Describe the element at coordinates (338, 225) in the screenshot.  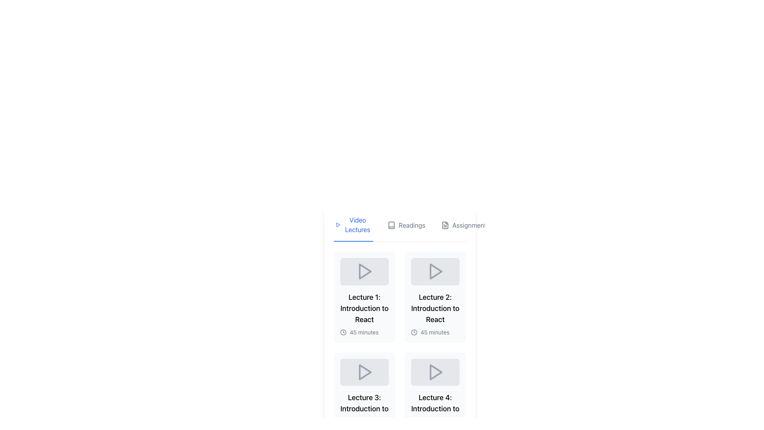
I see `the play button icon located in the 'Video Lectures' tab section` at that location.